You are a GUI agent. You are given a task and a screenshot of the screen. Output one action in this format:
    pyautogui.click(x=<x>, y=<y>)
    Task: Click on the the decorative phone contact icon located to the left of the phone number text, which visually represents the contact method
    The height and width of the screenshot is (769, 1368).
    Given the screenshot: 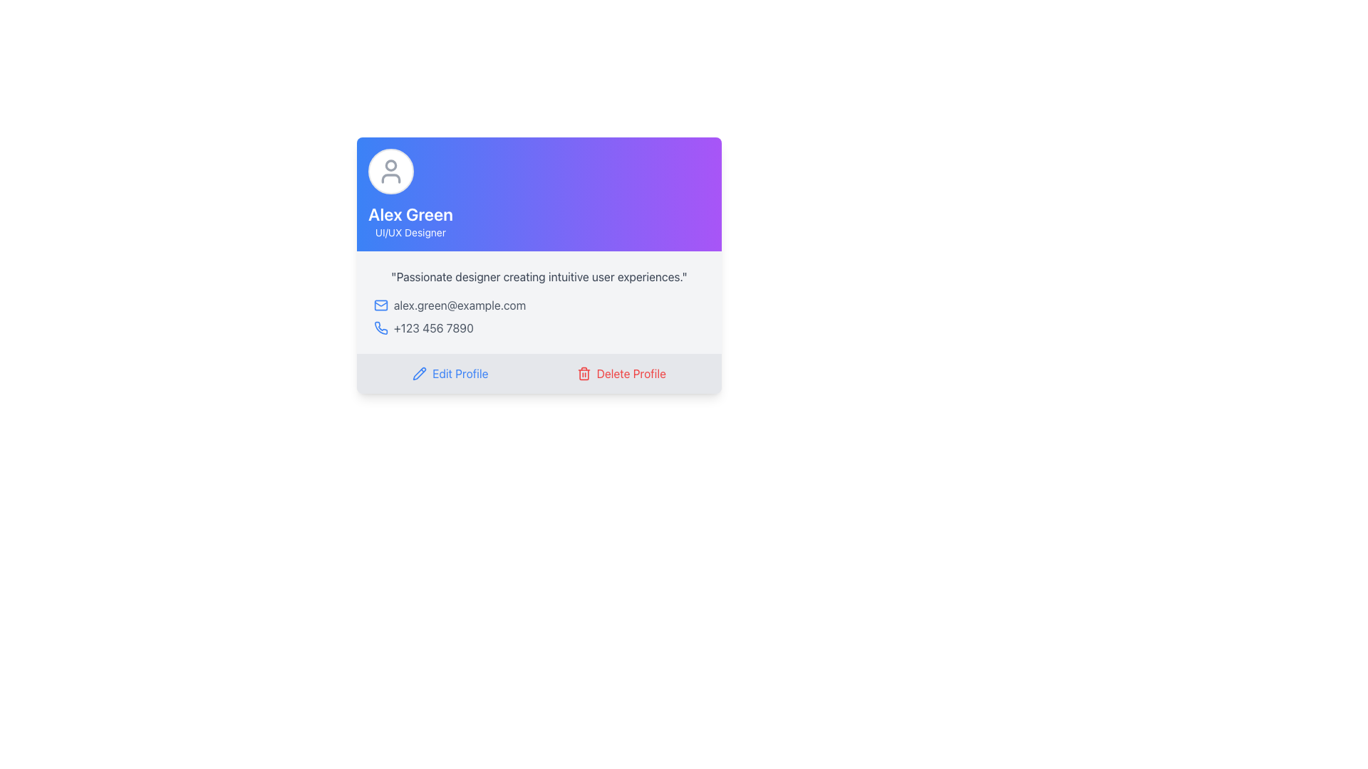 What is the action you would take?
    pyautogui.click(x=380, y=328)
    